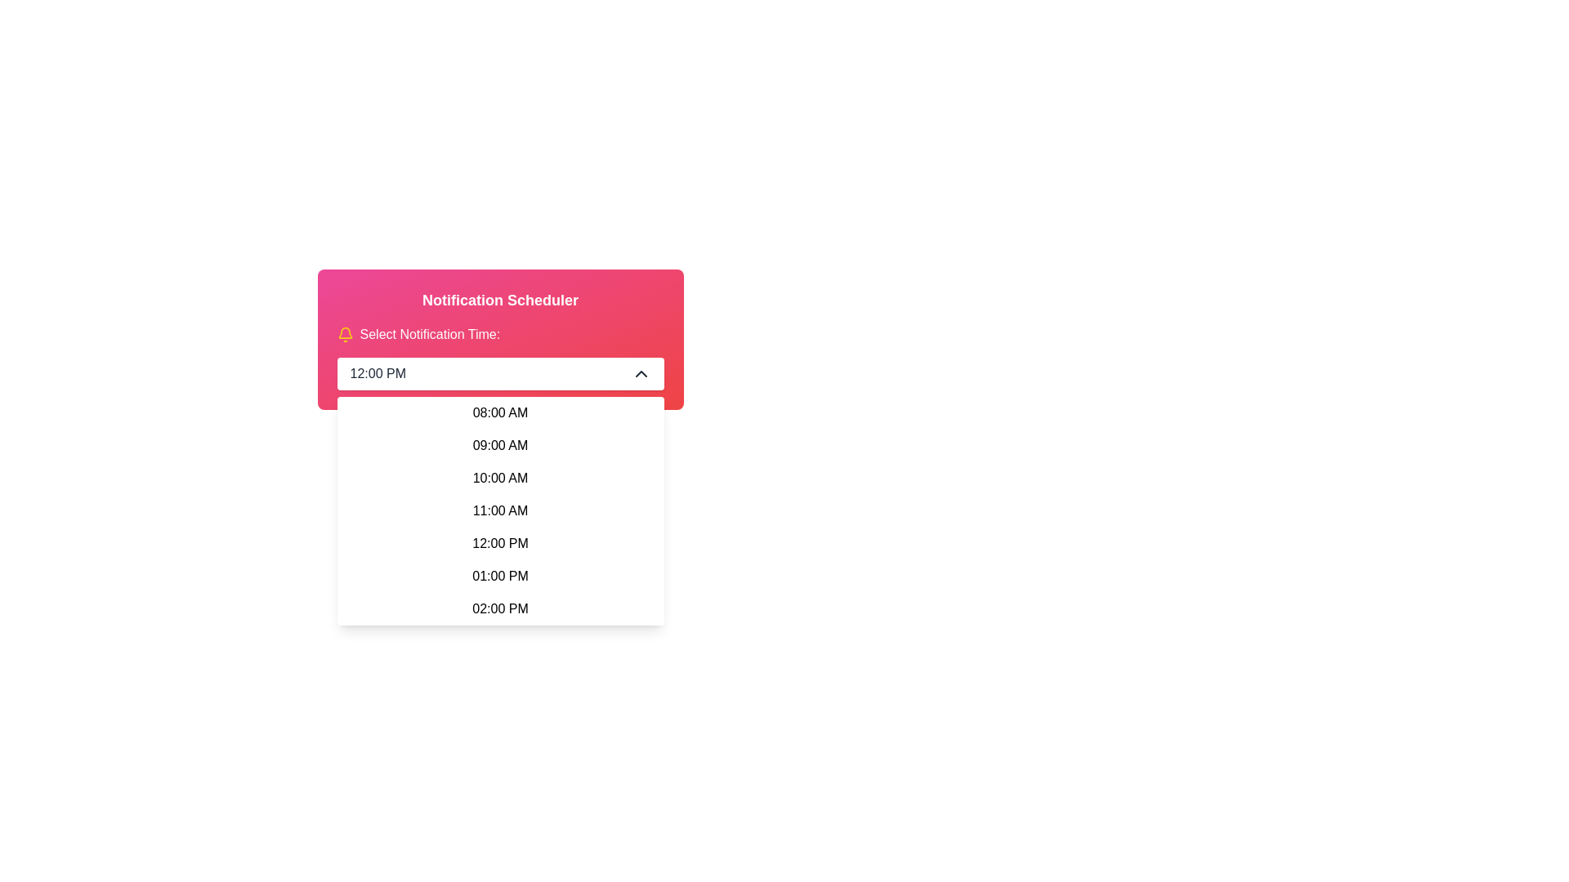 This screenshot has height=882, width=1569. What do you see at coordinates (499, 510) in the screenshot?
I see `the fourth option in the dropdown menu` at bounding box center [499, 510].